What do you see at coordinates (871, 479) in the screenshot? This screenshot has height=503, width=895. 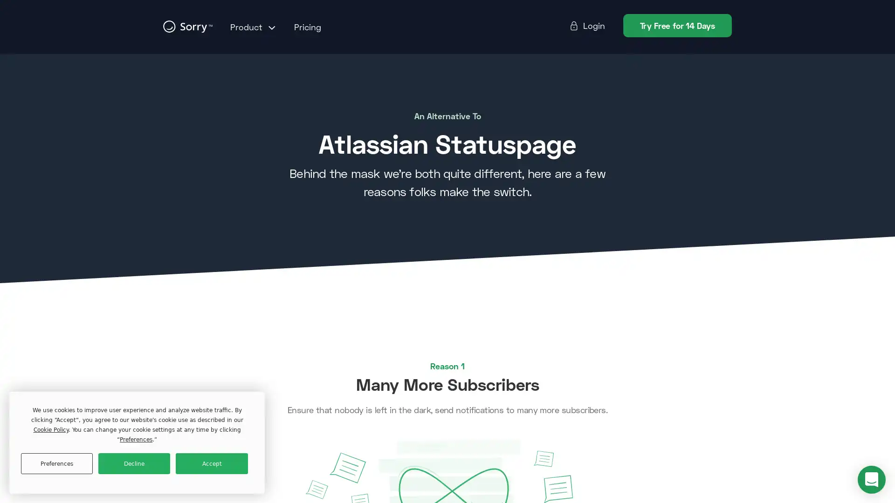 I see `Open Intercom Messenger` at bounding box center [871, 479].